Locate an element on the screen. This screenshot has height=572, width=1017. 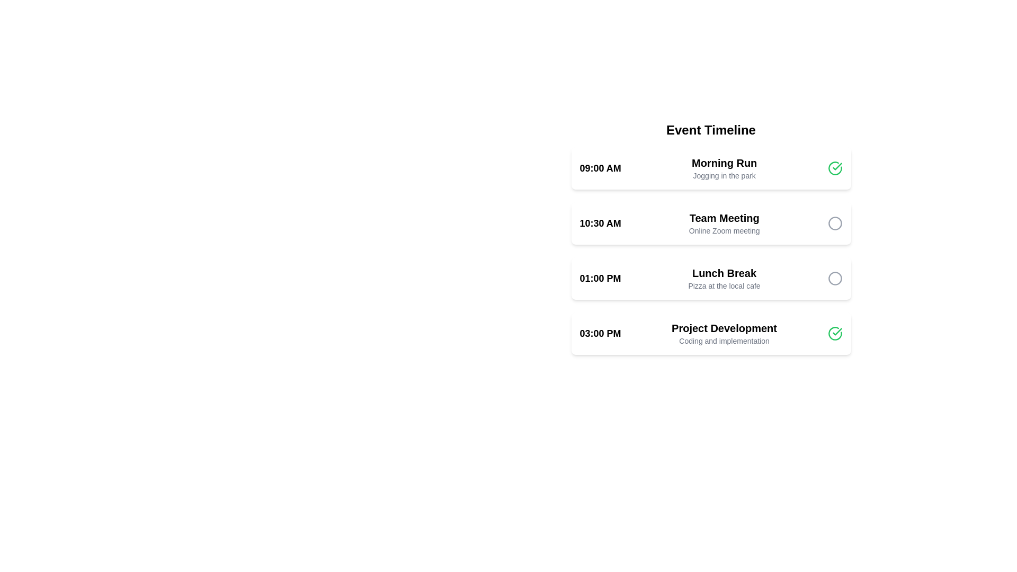
the text label displaying the time '10:30 AM' for the 'Team Meeting' event, which is bold and large in a sans-serif font on a white background is located at coordinates (600, 222).